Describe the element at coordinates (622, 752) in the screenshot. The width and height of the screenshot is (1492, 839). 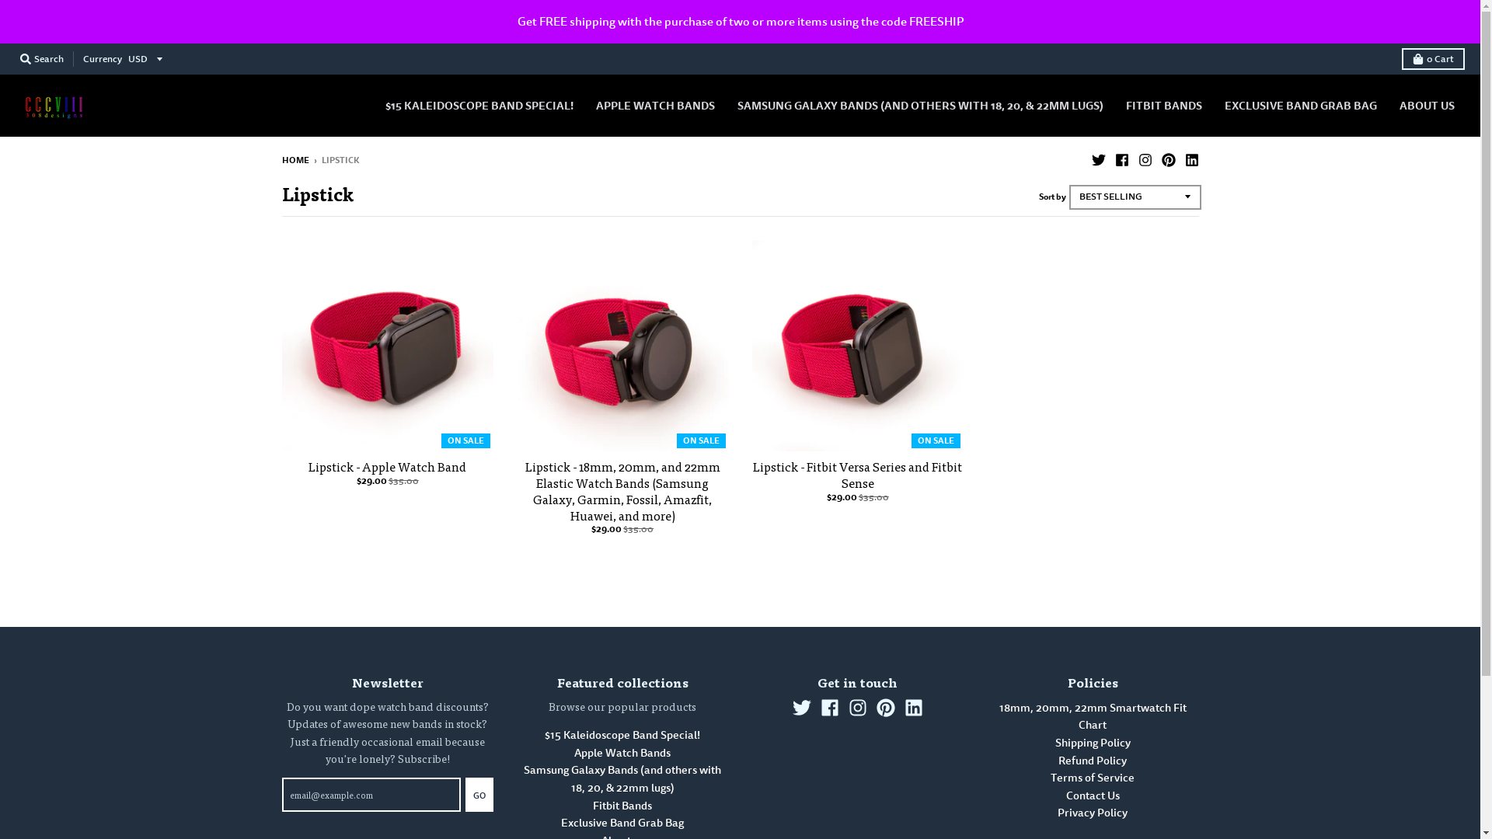
I see `'Apple Watch Bands'` at that location.